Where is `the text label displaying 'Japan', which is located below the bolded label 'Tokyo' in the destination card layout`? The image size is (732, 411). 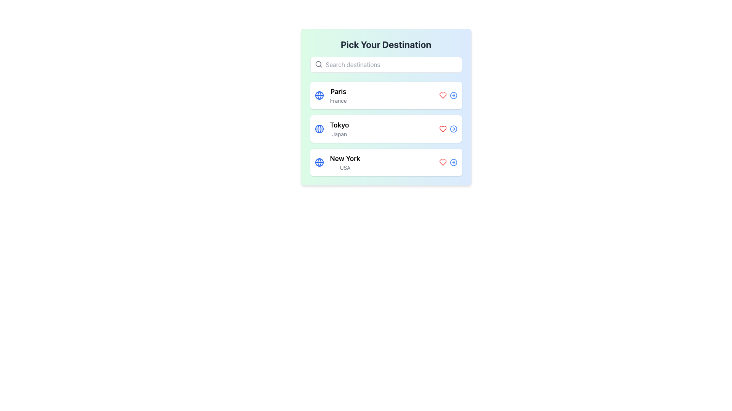
the text label displaying 'Japan', which is located below the bolded label 'Tokyo' in the destination card layout is located at coordinates (339, 134).